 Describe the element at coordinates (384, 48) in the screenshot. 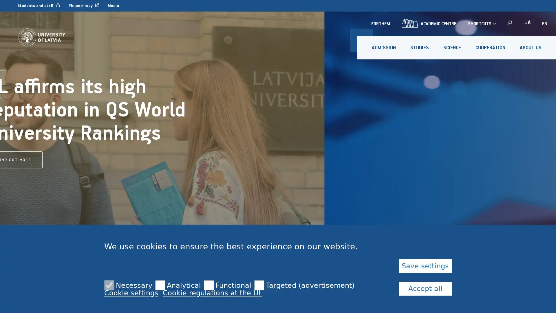

I see `ADMISSION` at that location.